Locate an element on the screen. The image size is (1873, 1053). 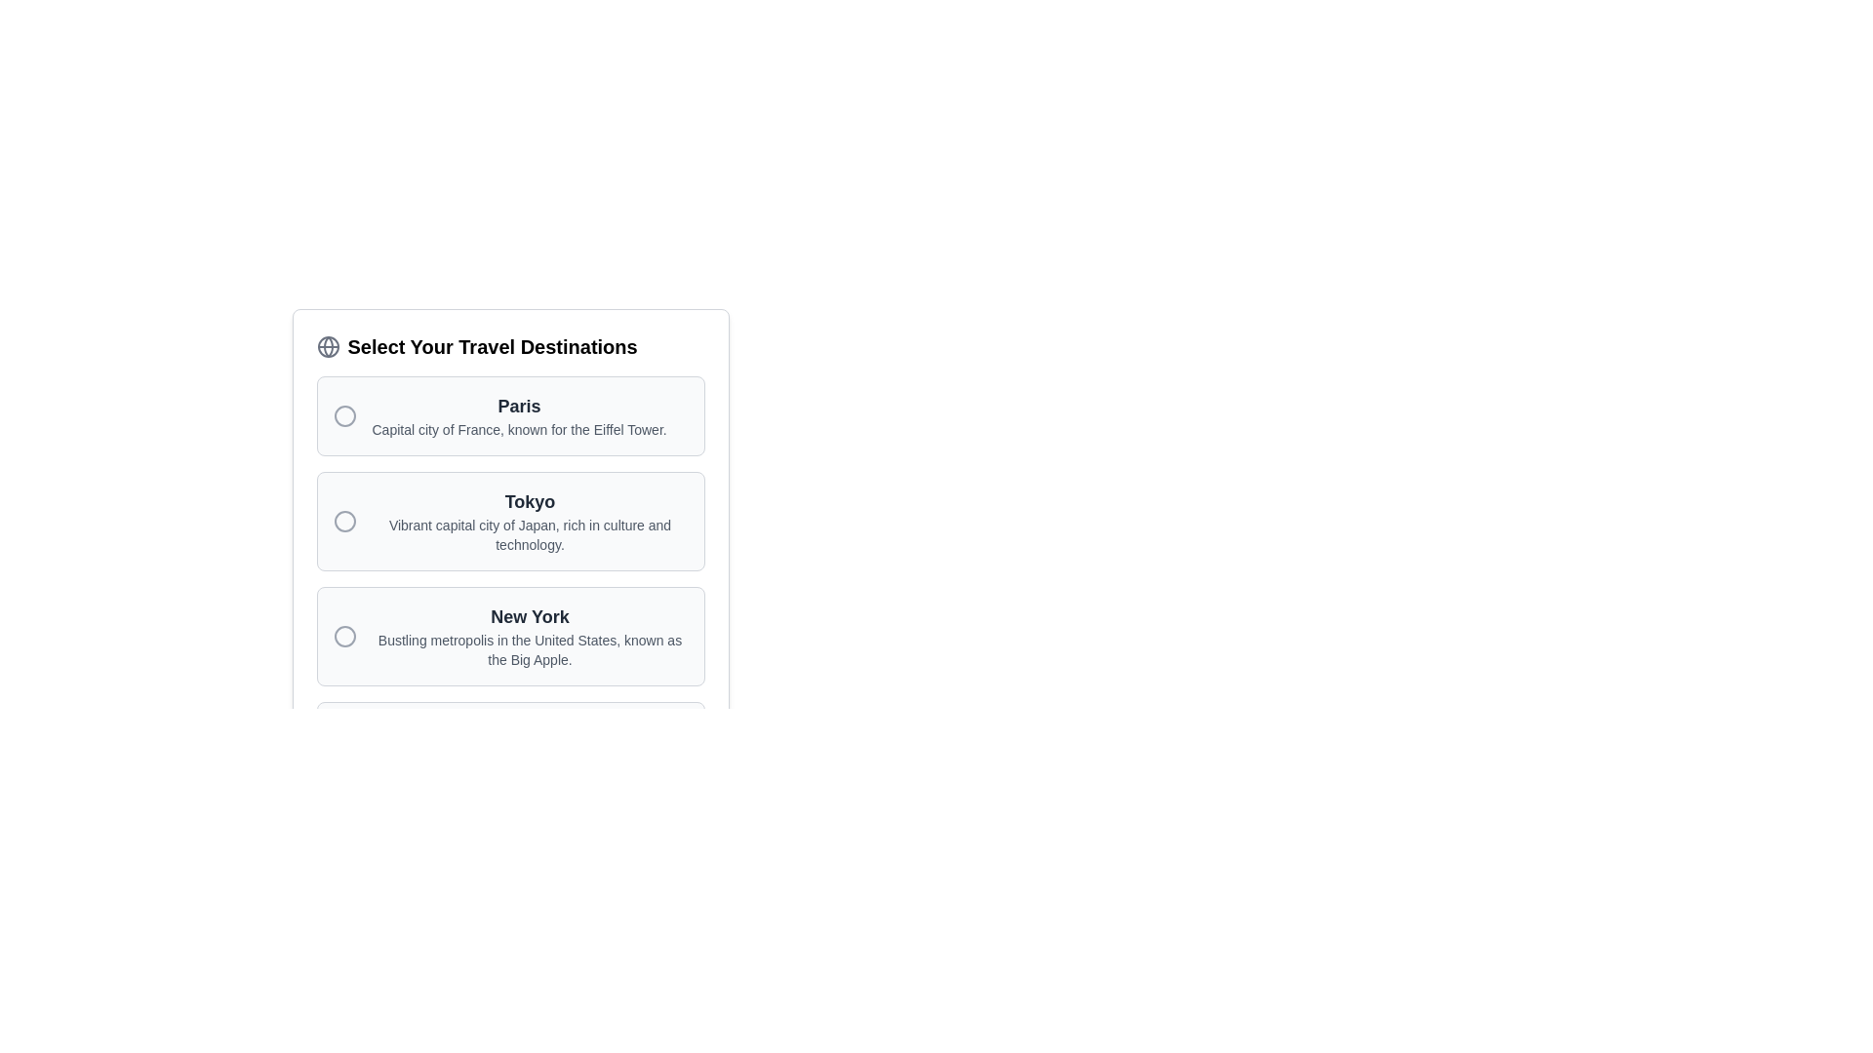
the radio button associated with the selectable list item for 'New York', which is the third option in the vertical list is located at coordinates (510, 636).